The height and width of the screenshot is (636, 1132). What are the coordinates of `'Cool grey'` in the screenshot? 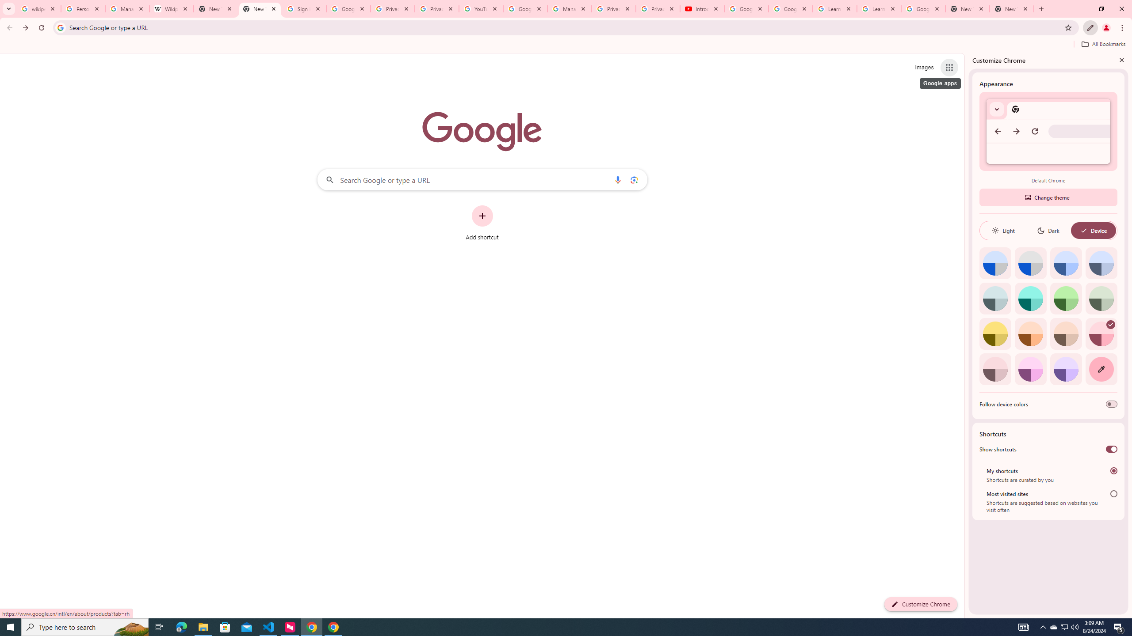 It's located at (1101, 263).